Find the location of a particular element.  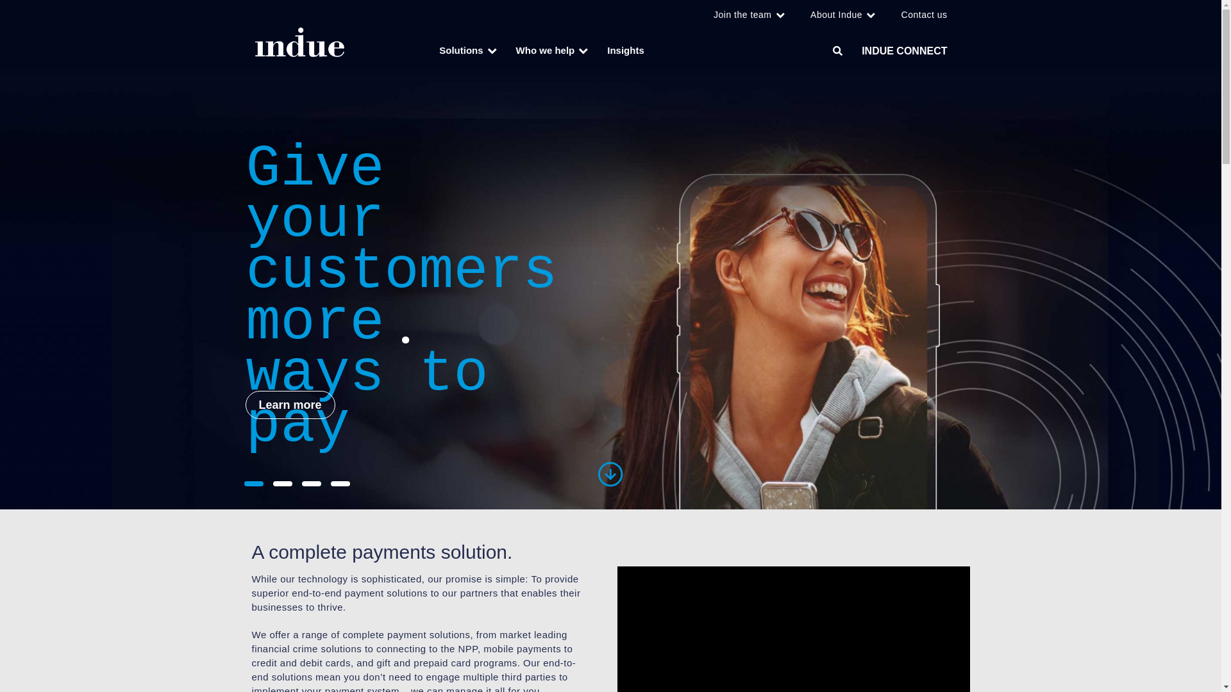

'INDUE CONNECT' is located at coordinates (903, 50).